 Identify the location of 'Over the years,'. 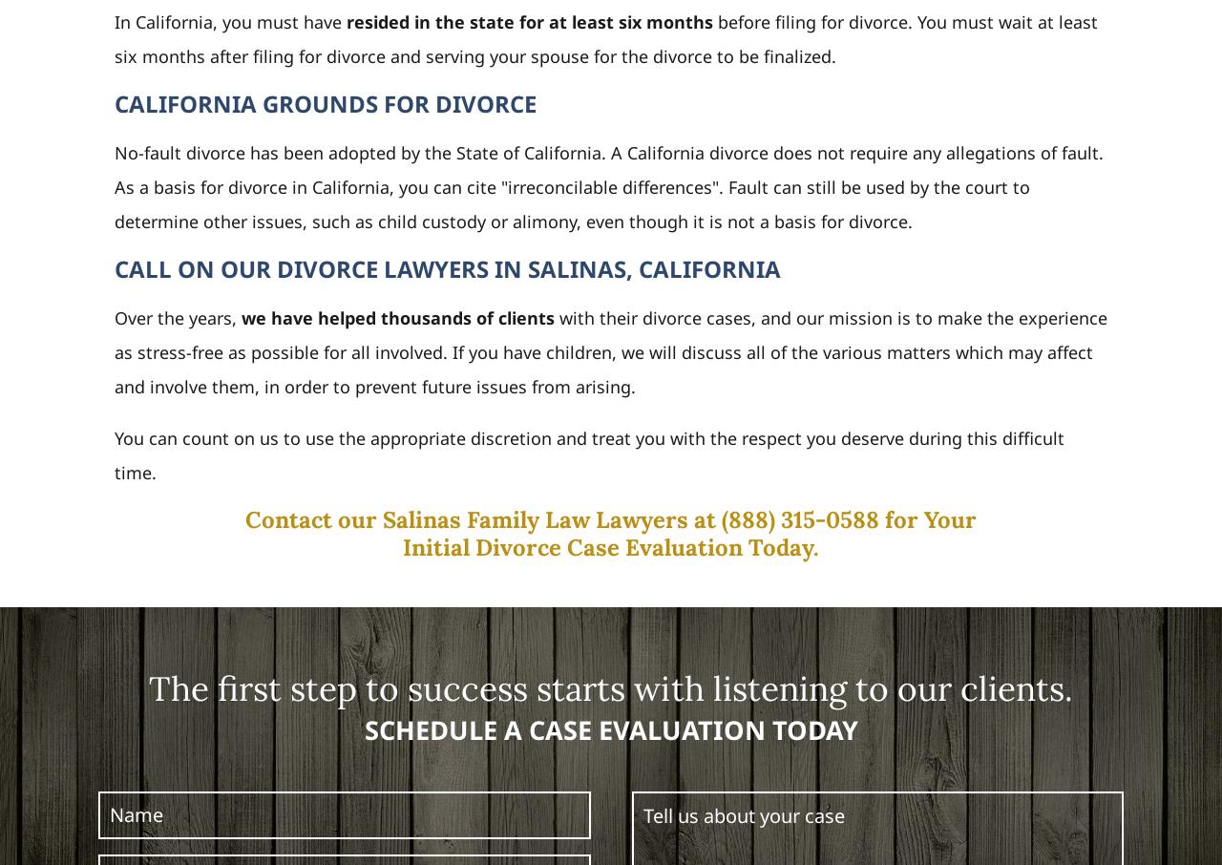
(114, 317).